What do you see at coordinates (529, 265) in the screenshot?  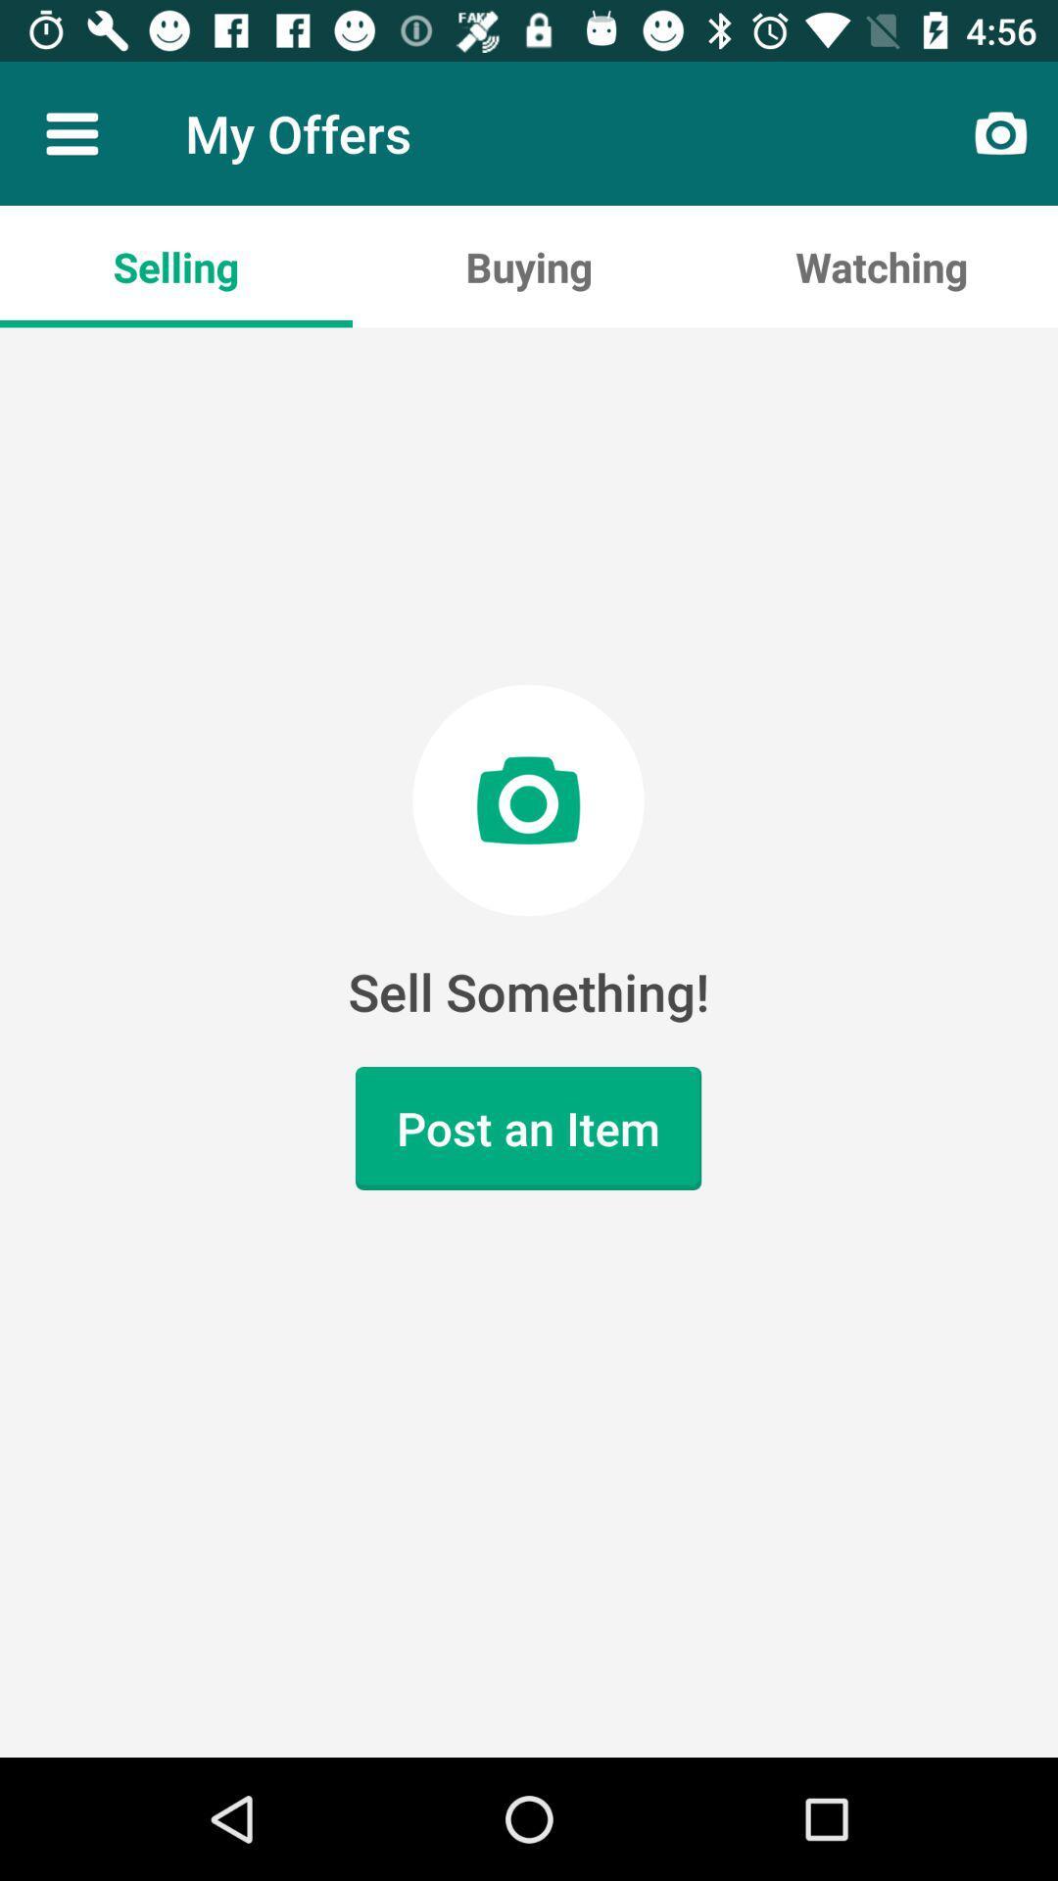 I see `buying icon` at bounding box center [529, 265].